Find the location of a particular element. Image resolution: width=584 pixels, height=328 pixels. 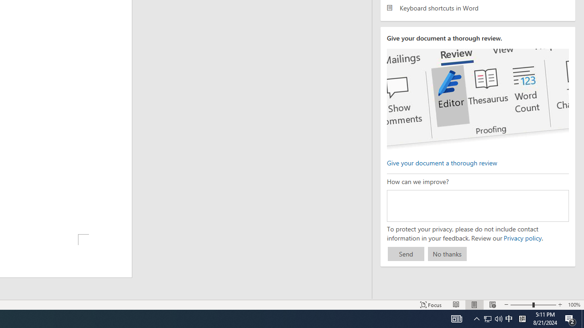

'Zoom' is located at coordinates (533, 305).